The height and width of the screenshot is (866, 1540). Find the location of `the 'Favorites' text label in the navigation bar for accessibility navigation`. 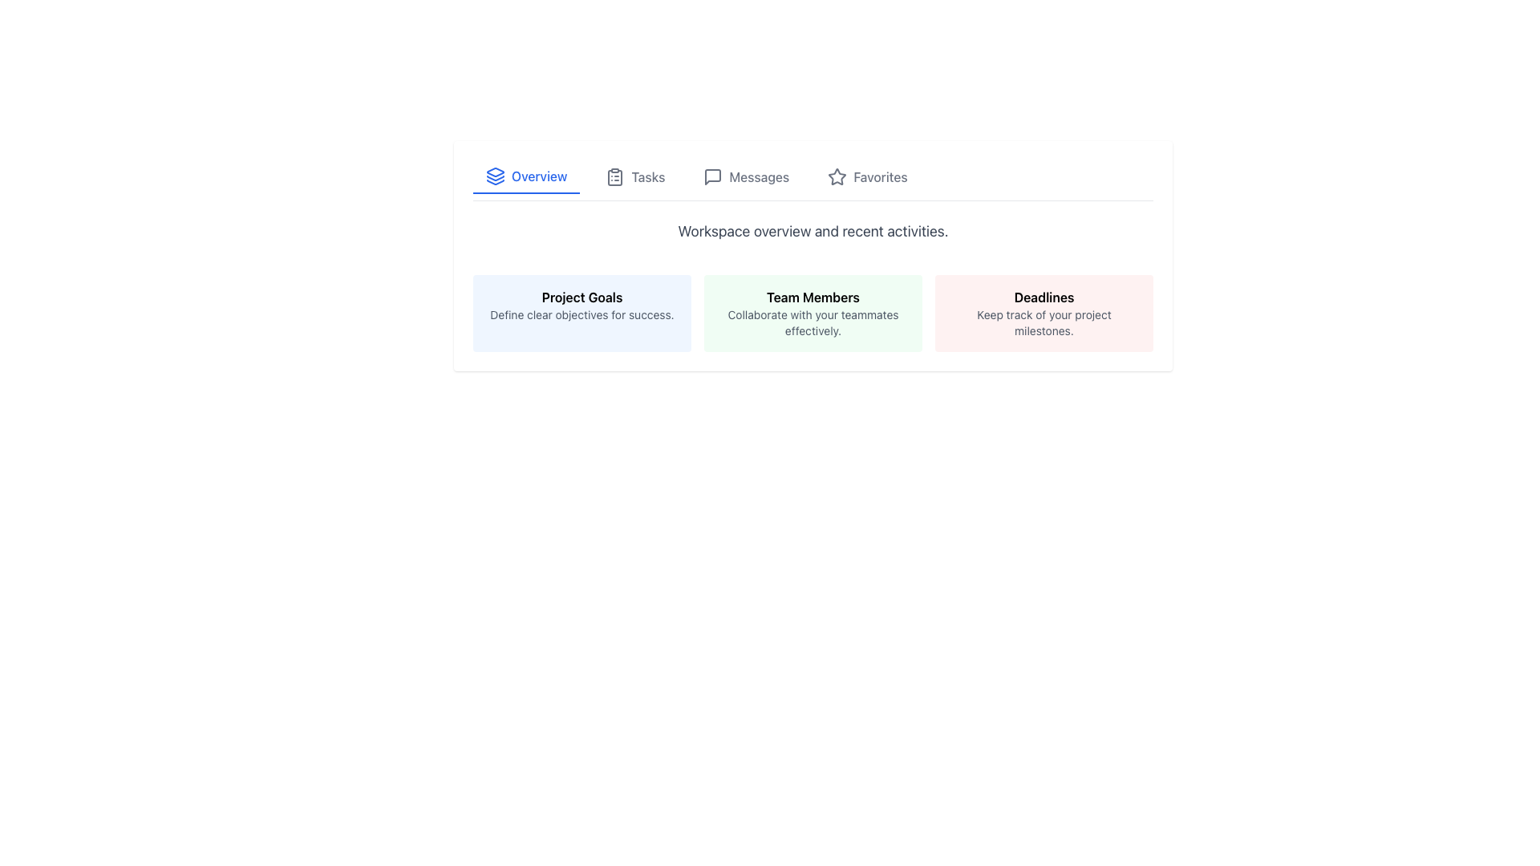

the 'Favorites' text label in the navigation bar for accessibility navigation is located at coordinates (879, 176).